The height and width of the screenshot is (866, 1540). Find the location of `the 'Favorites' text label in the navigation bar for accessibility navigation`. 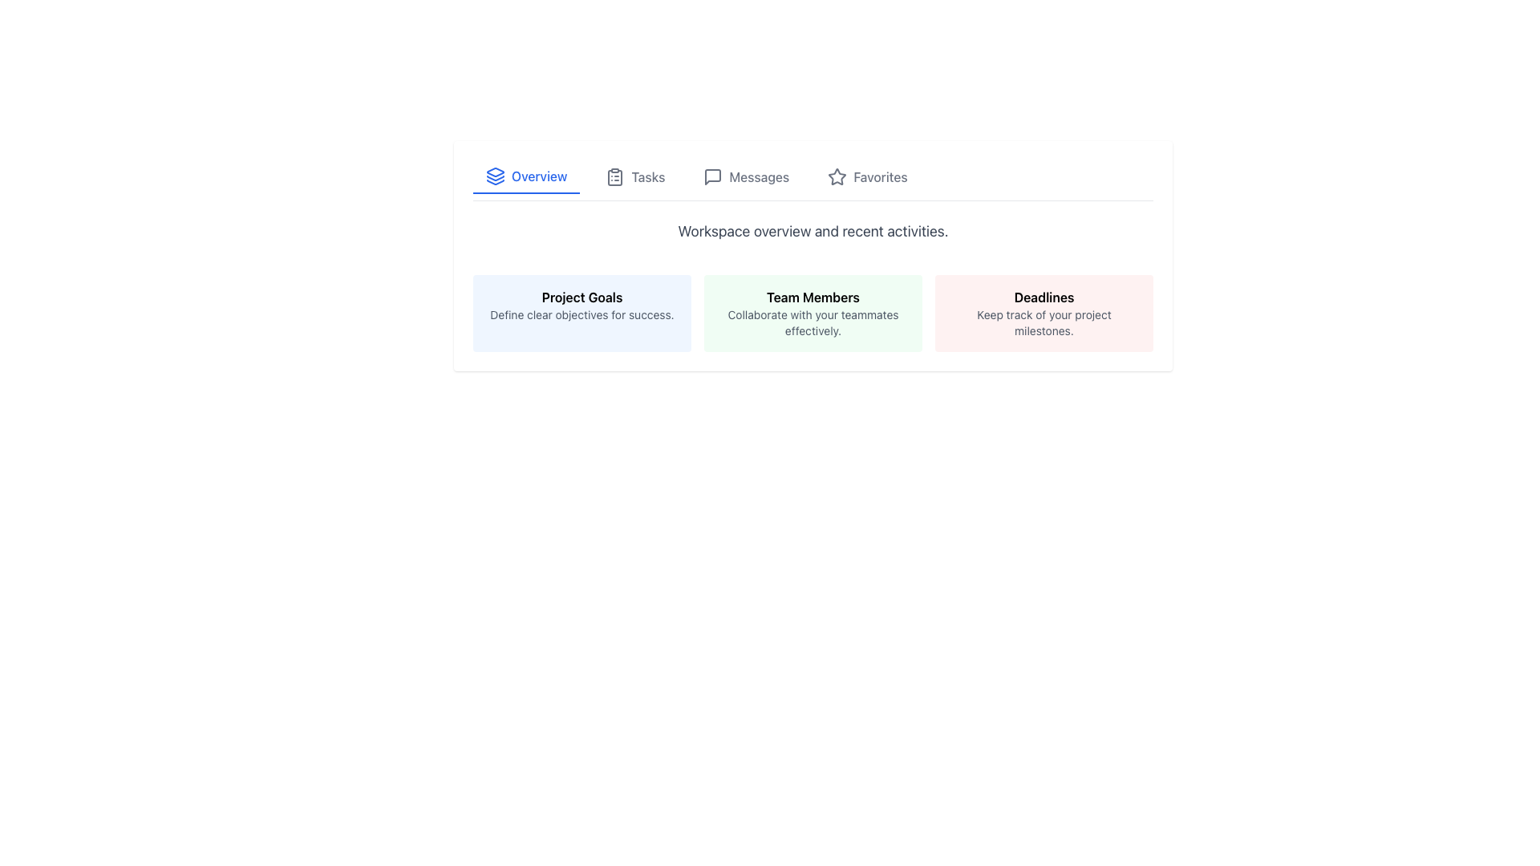

the 'Favorites' text label in the navigation bar for accessibility navigation is located at coordinates (879, 176).